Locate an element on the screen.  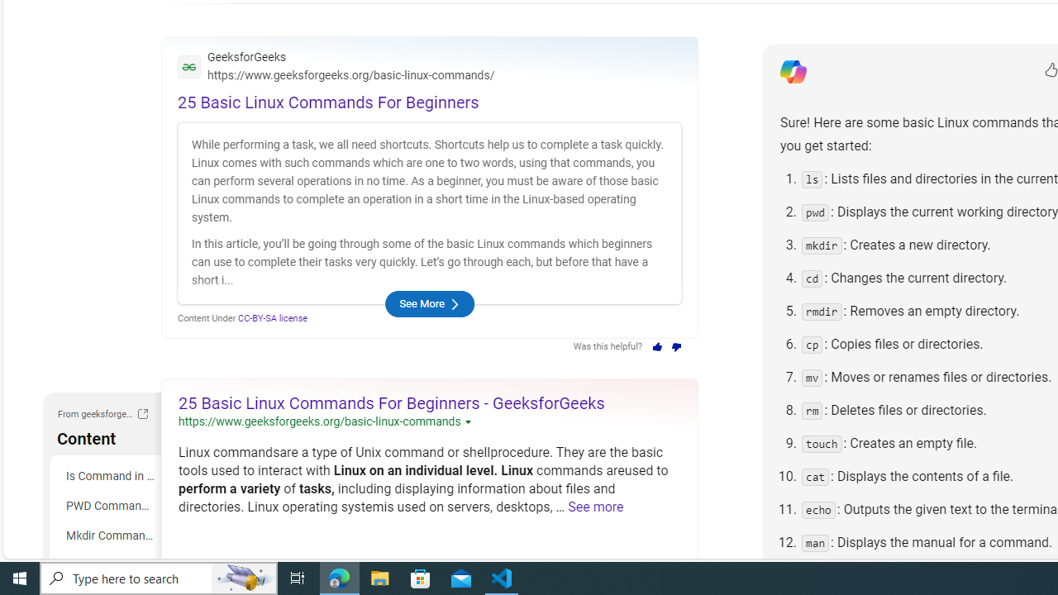
'CD Command in Linux' is located at coordinates (107, 564).